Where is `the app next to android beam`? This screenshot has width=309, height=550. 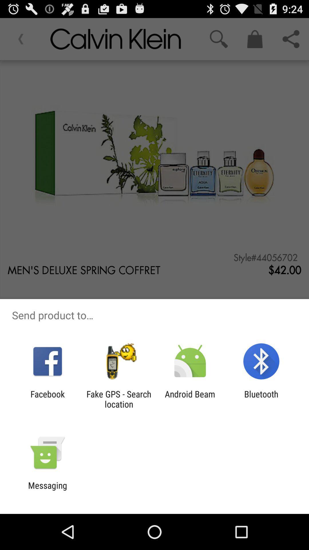 the app next to android beam is located at coordinates (261, 399).